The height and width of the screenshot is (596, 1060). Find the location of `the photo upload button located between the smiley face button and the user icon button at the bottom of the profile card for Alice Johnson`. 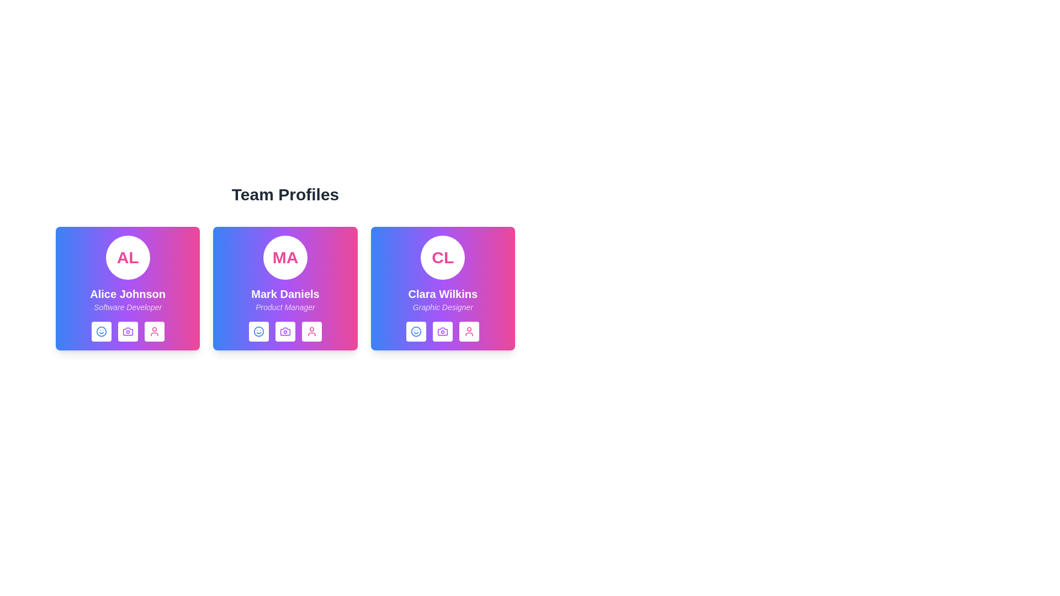

the photo upload button located between the smiley face button and the user icon button at the bottom of the profile card for Alice Johnson is located at coordinates (128, 331).